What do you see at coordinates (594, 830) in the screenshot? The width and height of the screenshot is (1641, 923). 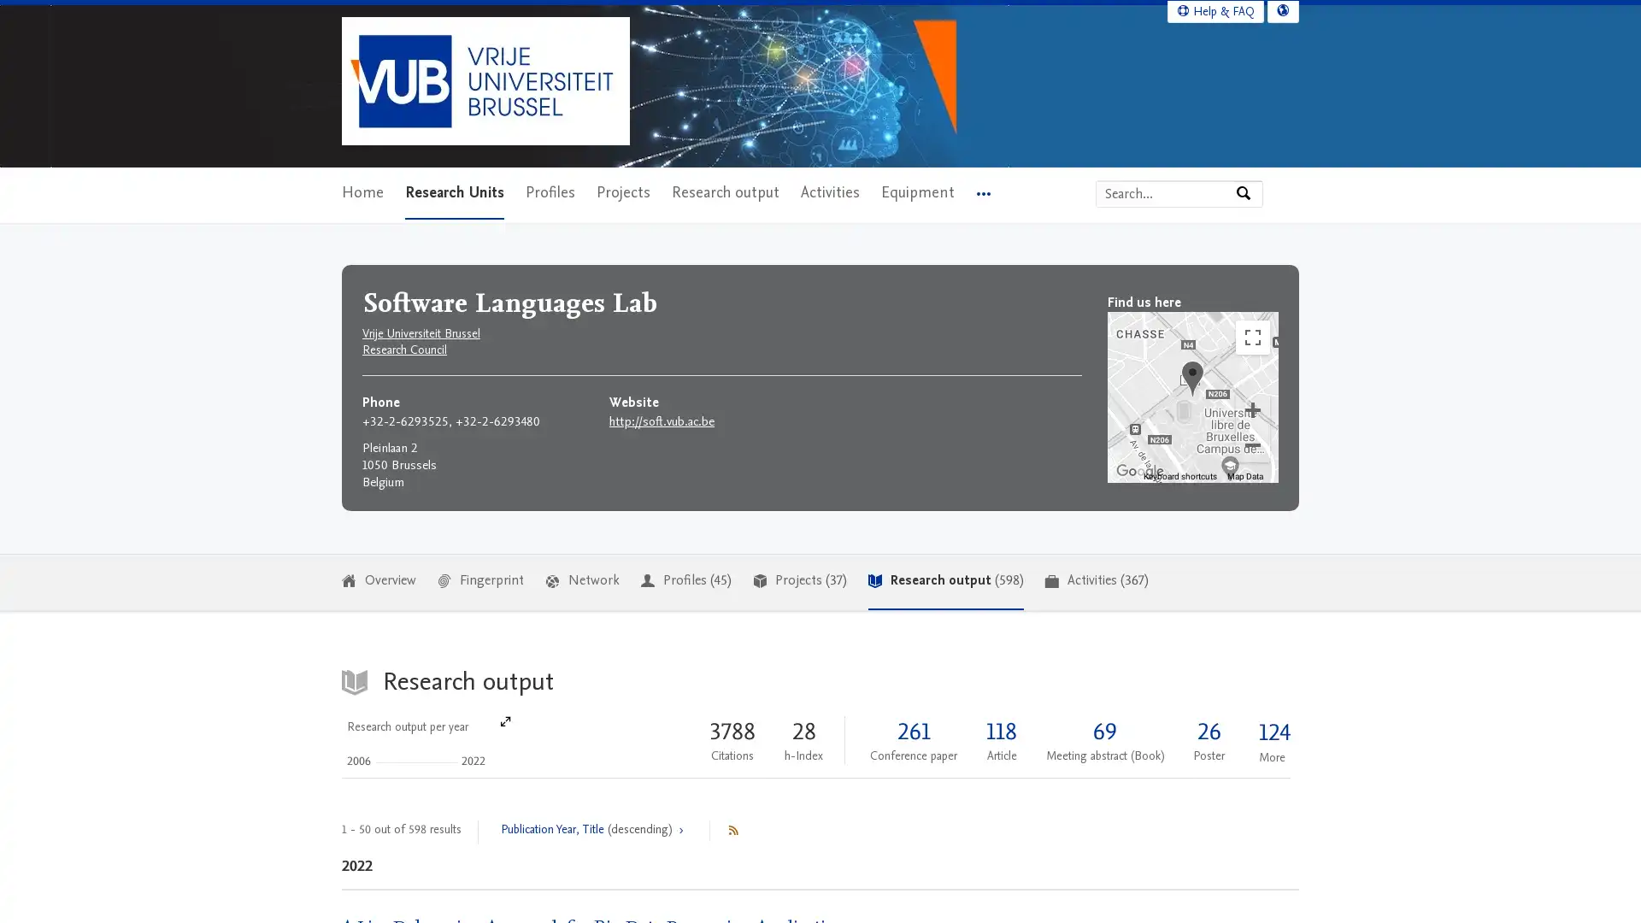 I see `Results sorted byPublication Year, Title(descending)` at bounding box center [594, 830].